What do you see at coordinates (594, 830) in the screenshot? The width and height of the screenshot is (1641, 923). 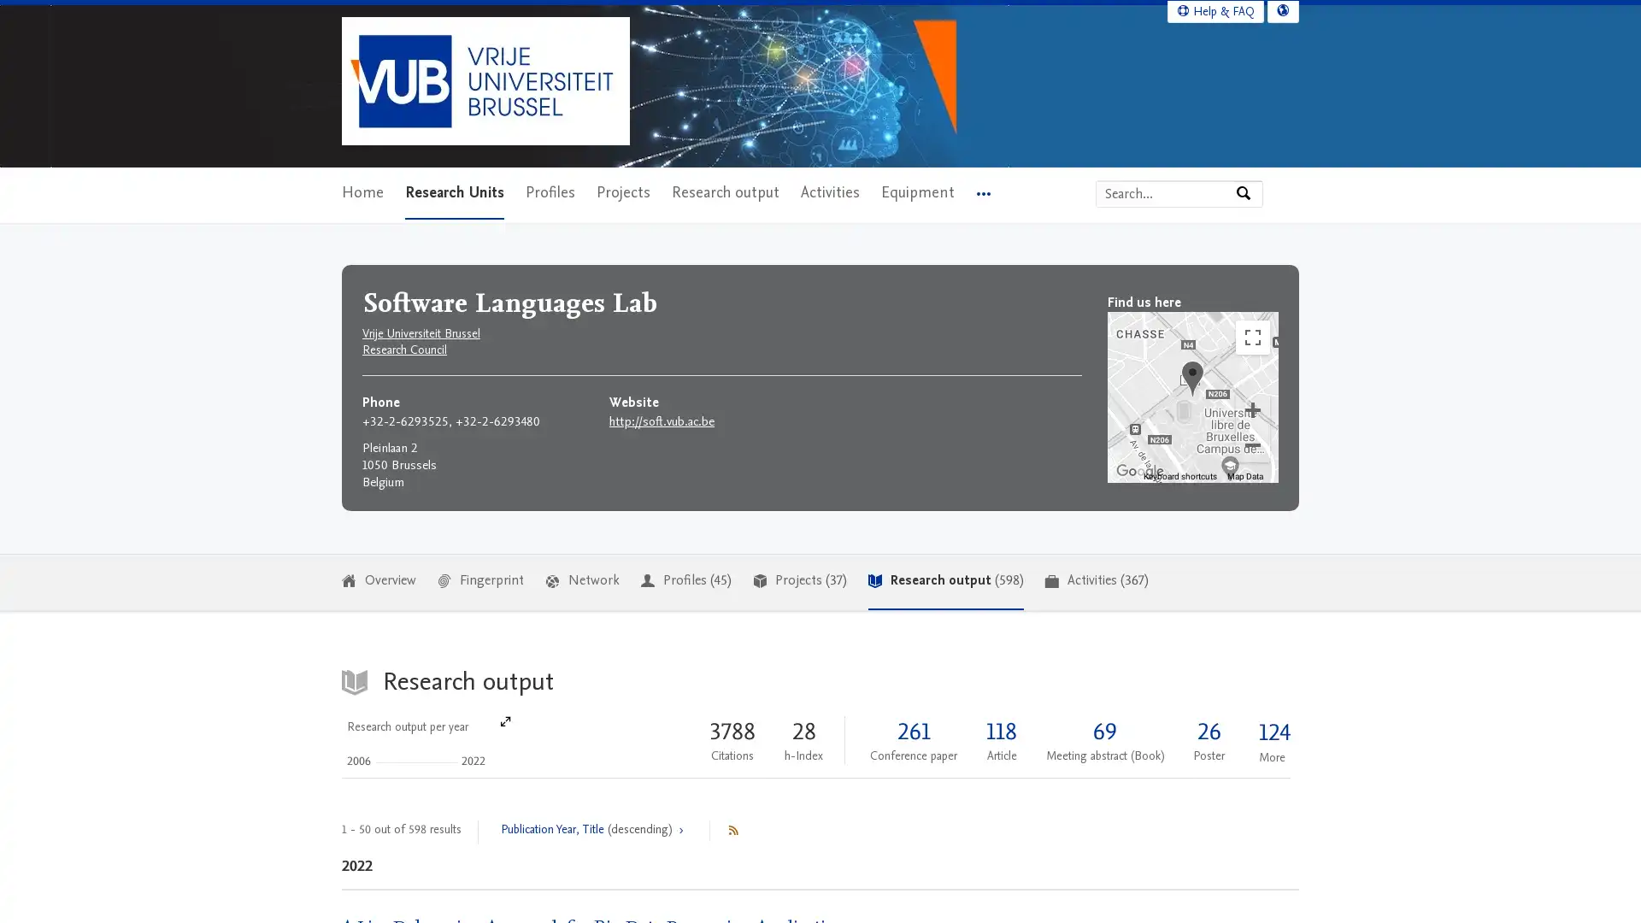 I see `Results sorted byPublication Year, Title(descending)` at bounding box center [594, 830].